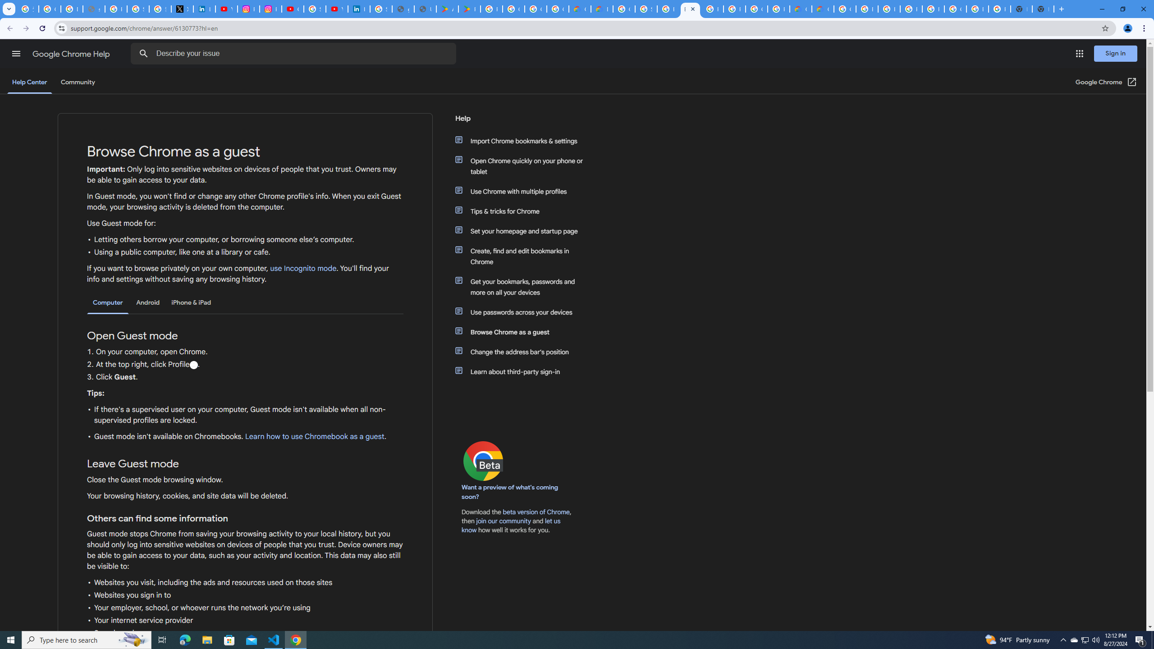 The width and height of the screenshot is (1154, 649). I want to click on 'PAW Patrol Rescue World - Apps on Google Play', so click(469, 9).